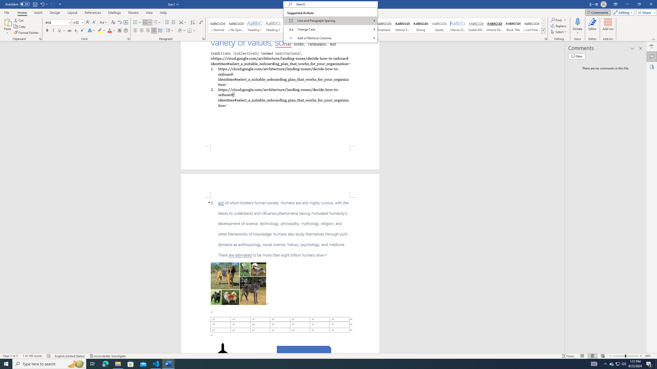  What do you see at coordinates (149, 13) in the screenshot?
I see `'View'` at bounding box center [149, 13].